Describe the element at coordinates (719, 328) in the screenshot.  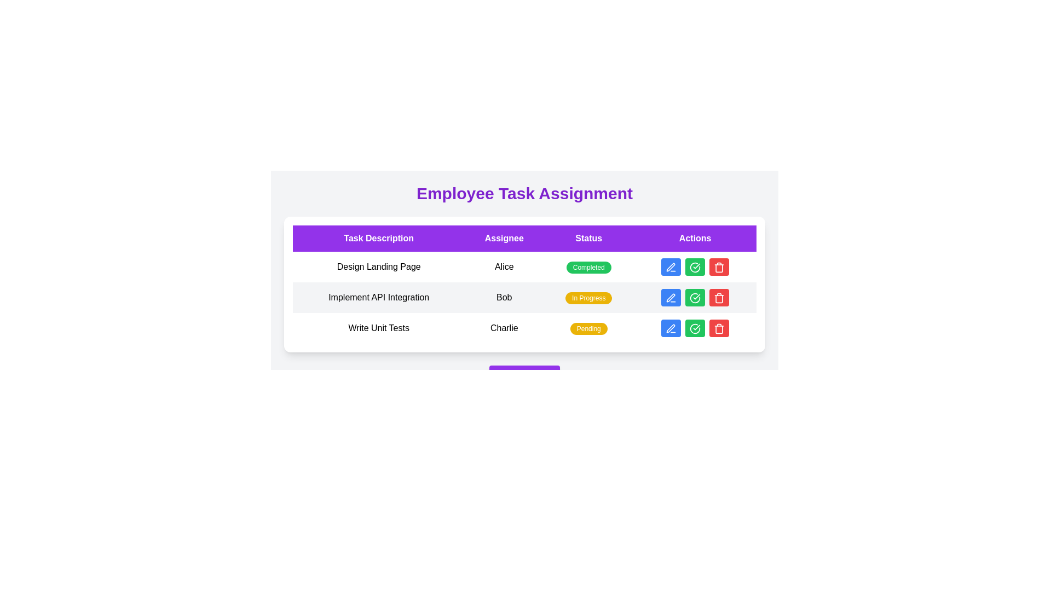
I see `the 'Delete' button with a trash icon located in the 'Actions' column for the row titled 'Implement API Integration'` at that location.